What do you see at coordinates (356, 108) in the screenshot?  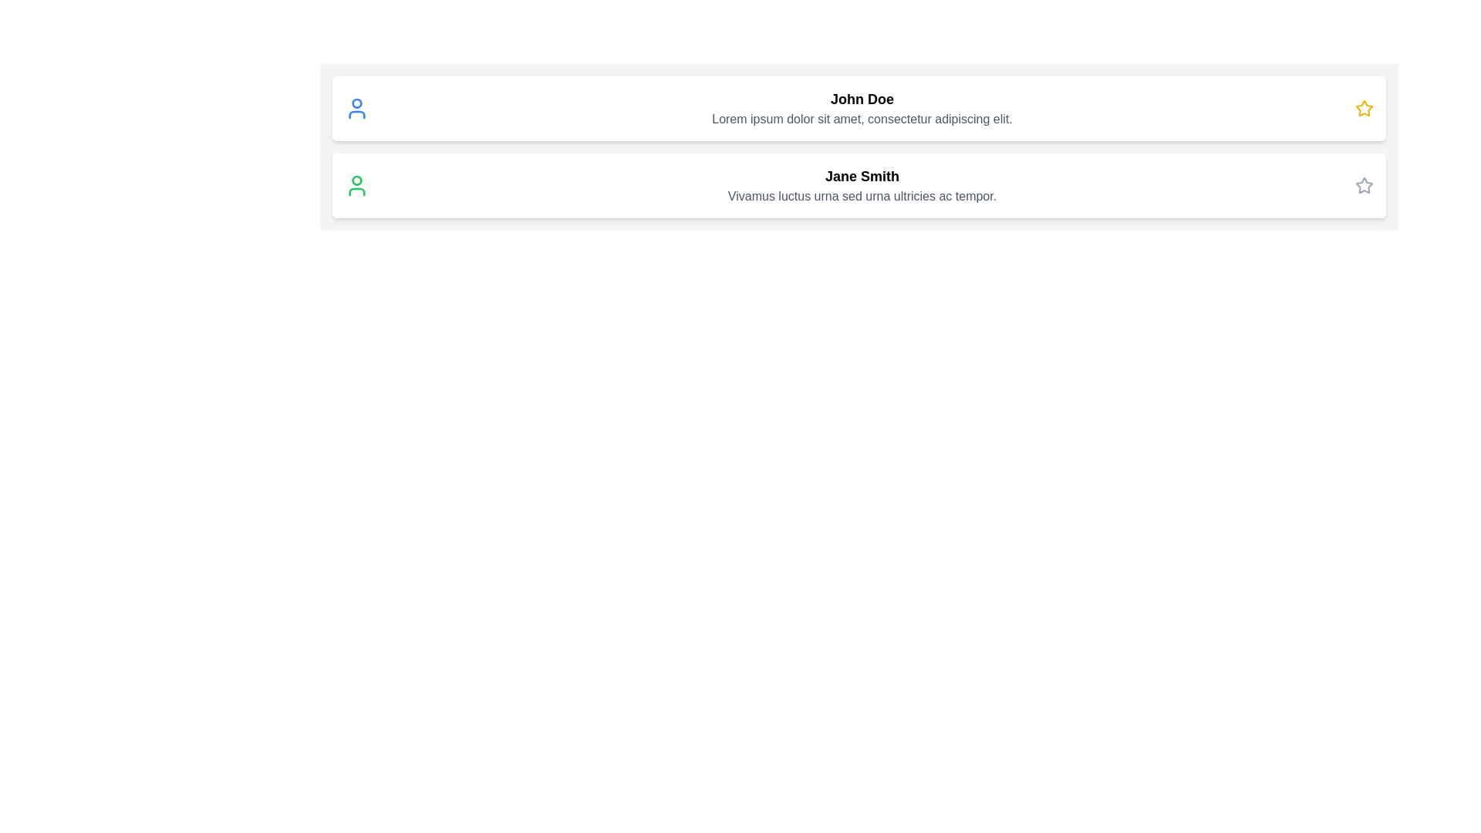 I see `the user profile icon, which is a simplistic outline of a human bust in blue color, located to the left of the text header 'John Doe'` at bounding box center [356, 108].